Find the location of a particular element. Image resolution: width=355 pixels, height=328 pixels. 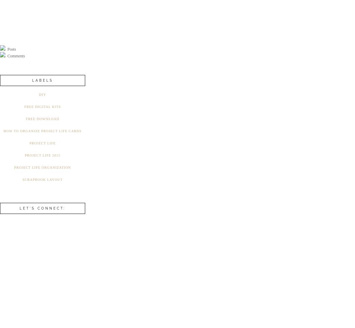

'Comments' is located at coordinates (15, 56).